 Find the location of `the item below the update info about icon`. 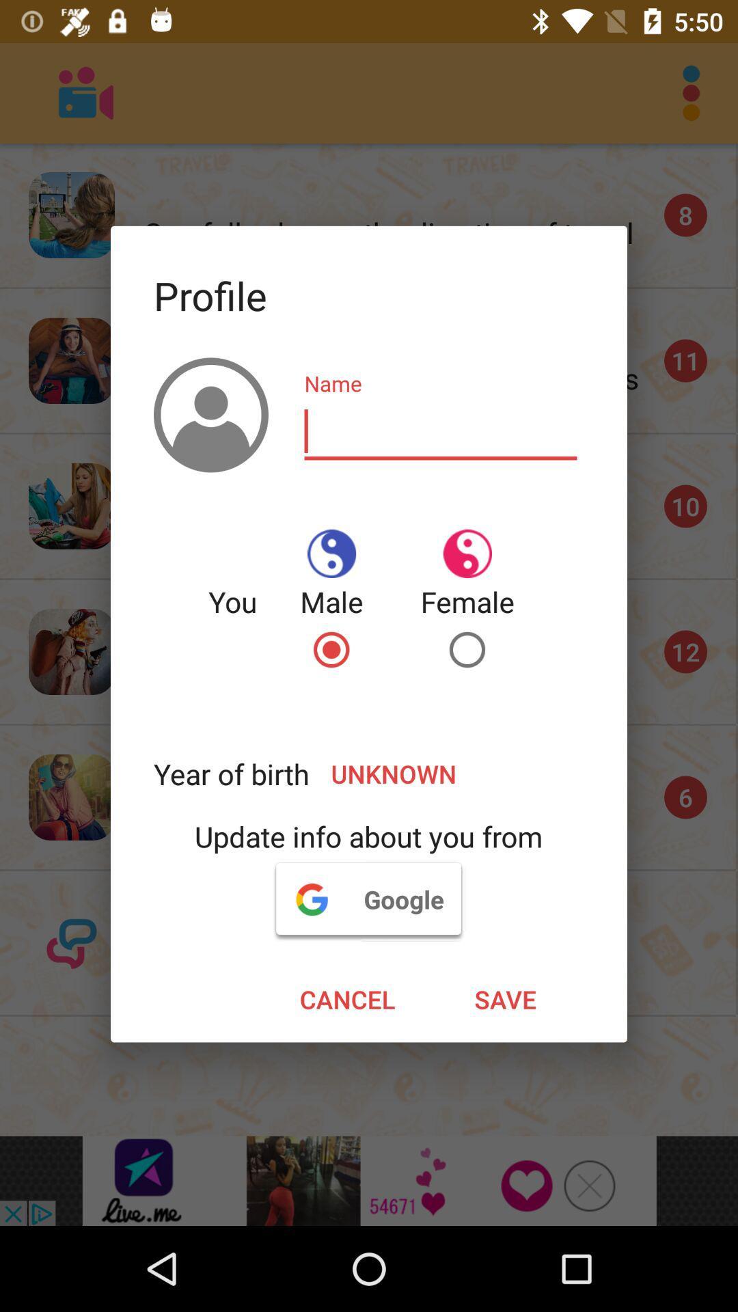

the item below the update info about icon is located at coordinates (368, 899).